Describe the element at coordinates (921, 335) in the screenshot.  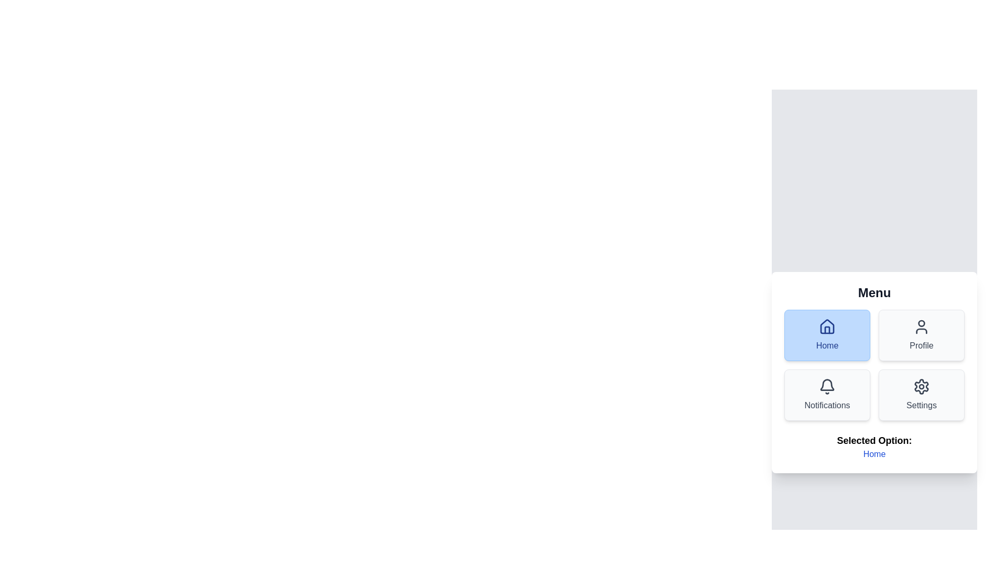
I see `the Profile menu option` at that location.